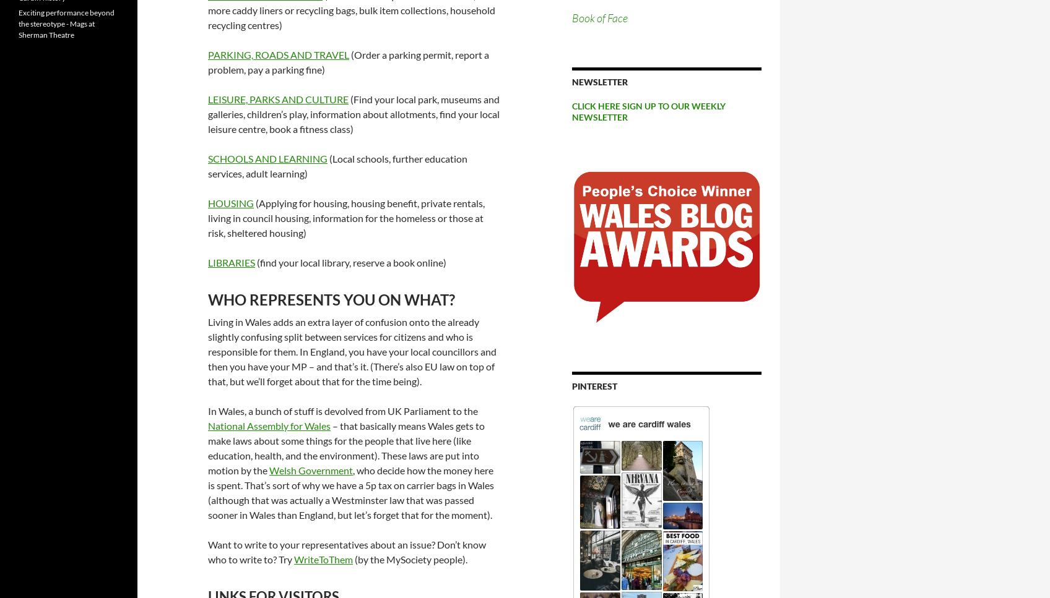 The height and width of the screenshot is (598, 1050). Describe the element at coordinates (342, 409) in the screenshot. I see `'In Wales, a bunch of stuff is devolved from UK Parliament to the'` at that location.